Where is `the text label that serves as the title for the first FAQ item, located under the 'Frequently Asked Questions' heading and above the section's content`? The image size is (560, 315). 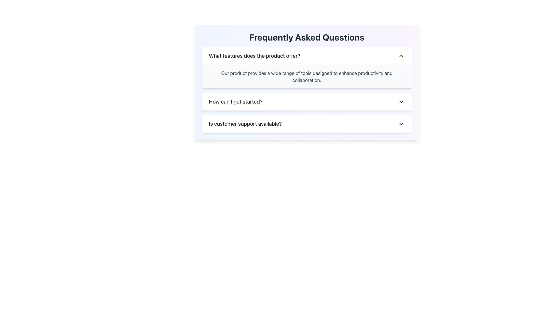
the text label that serves as the title for the first FAQ item, located under the 'Frequently Asked Questions' heading and above the section's content is located at coordinates (254, 56).